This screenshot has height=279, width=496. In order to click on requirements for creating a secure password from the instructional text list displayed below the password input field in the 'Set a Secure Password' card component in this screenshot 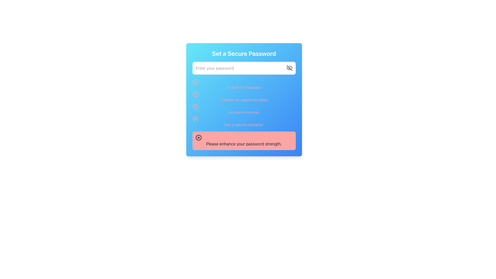, I will do `click(244, 103)`.